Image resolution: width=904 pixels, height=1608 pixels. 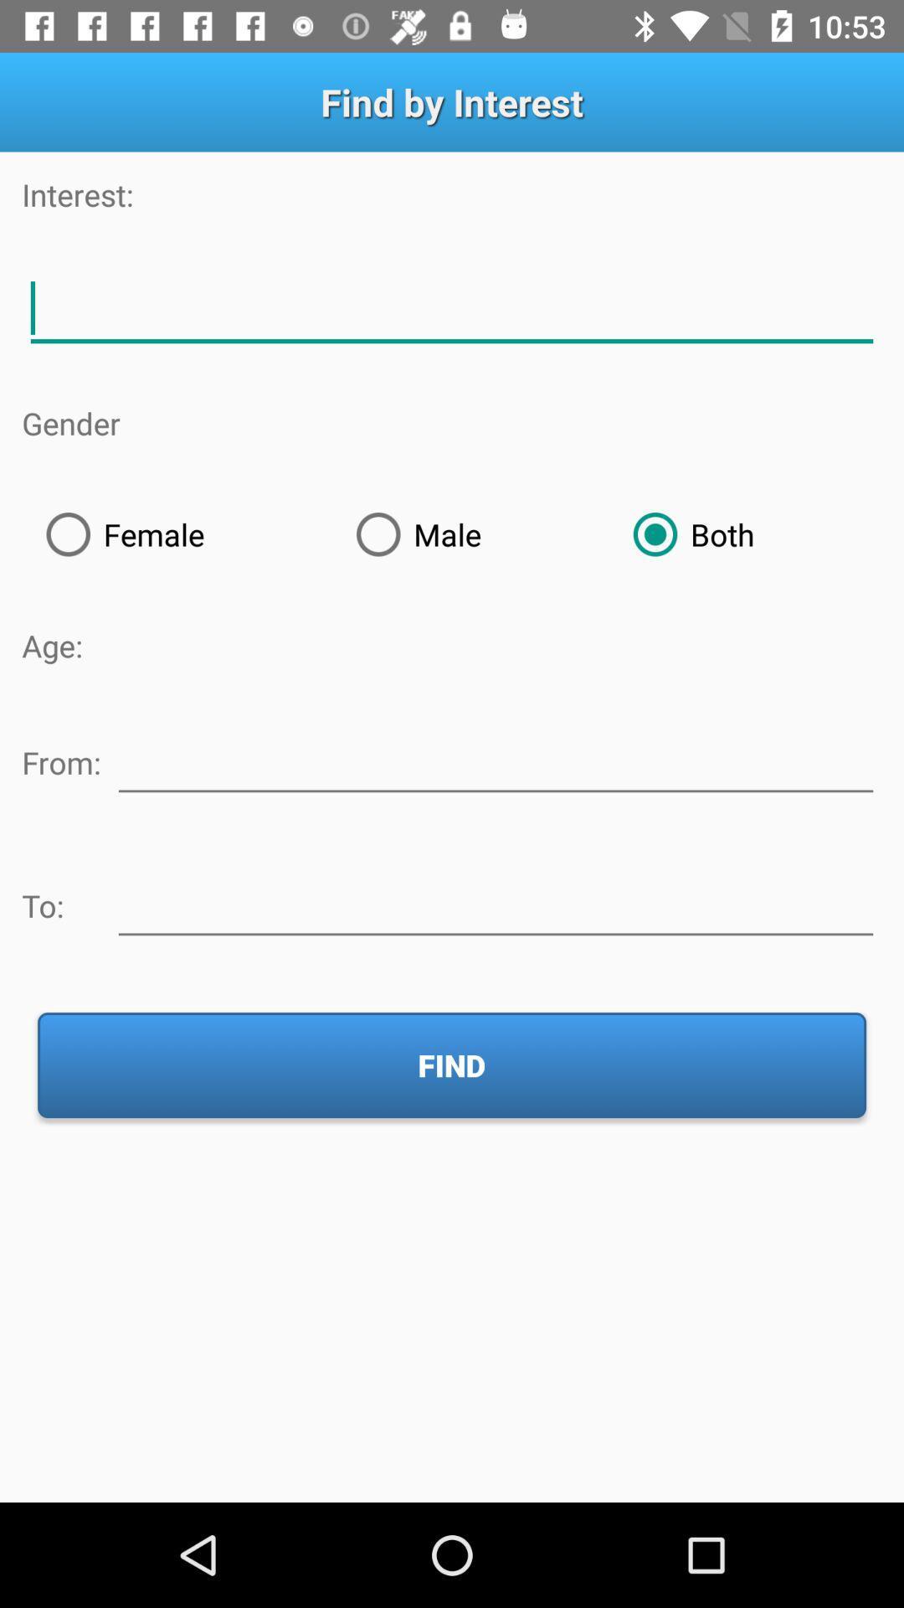 What do you see at coordinates (177, 533) in the screenshot?
I see `the item to the left of the male radio button` at bounding box center [177, 533].